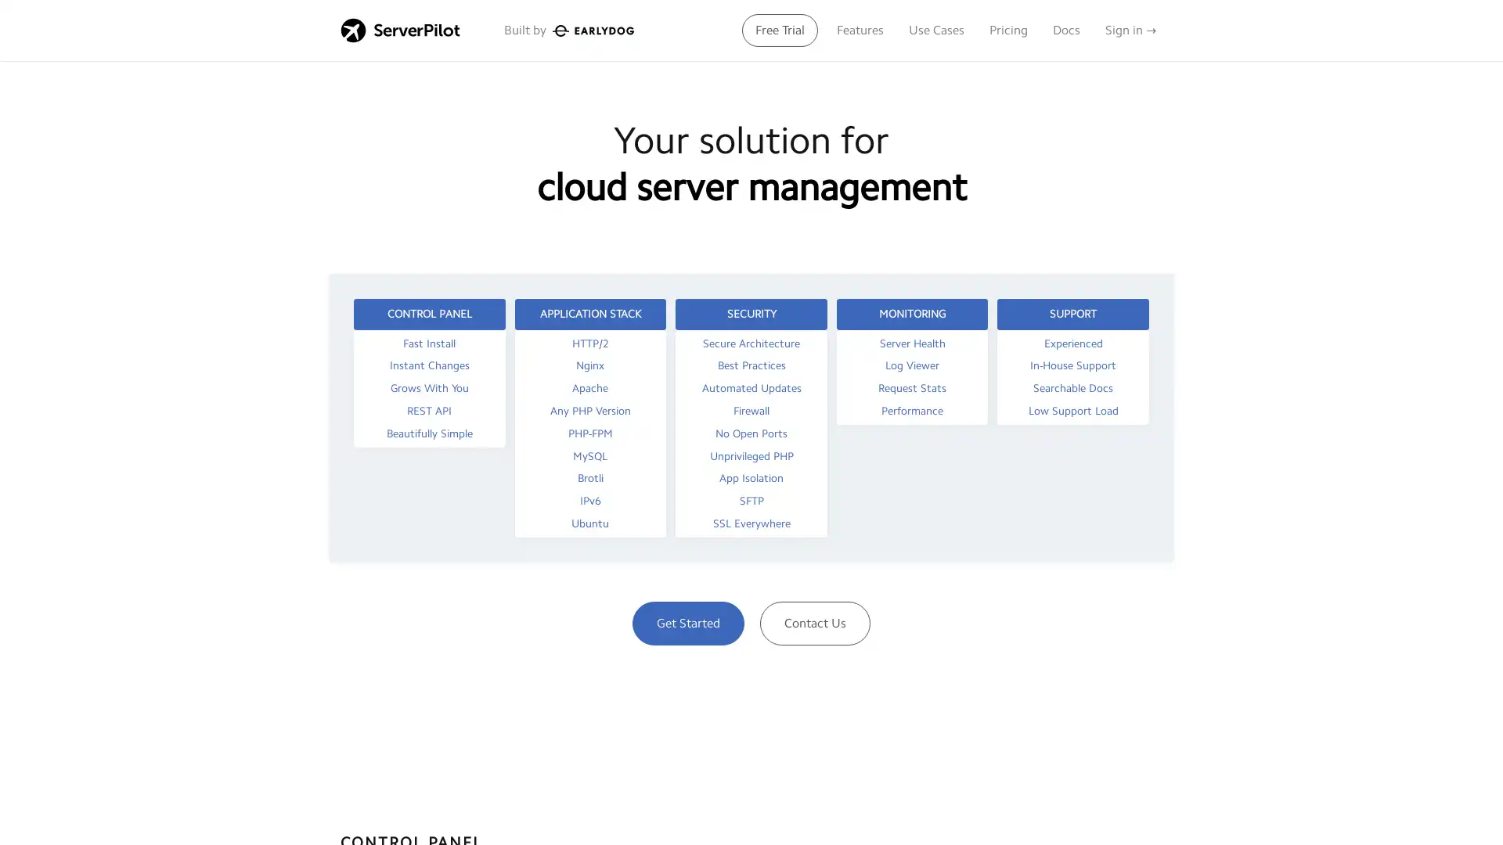  What do you see at coordinates (1065, 30) in the screenshot?
I see `Docs` at bounding box center [1065, 30].